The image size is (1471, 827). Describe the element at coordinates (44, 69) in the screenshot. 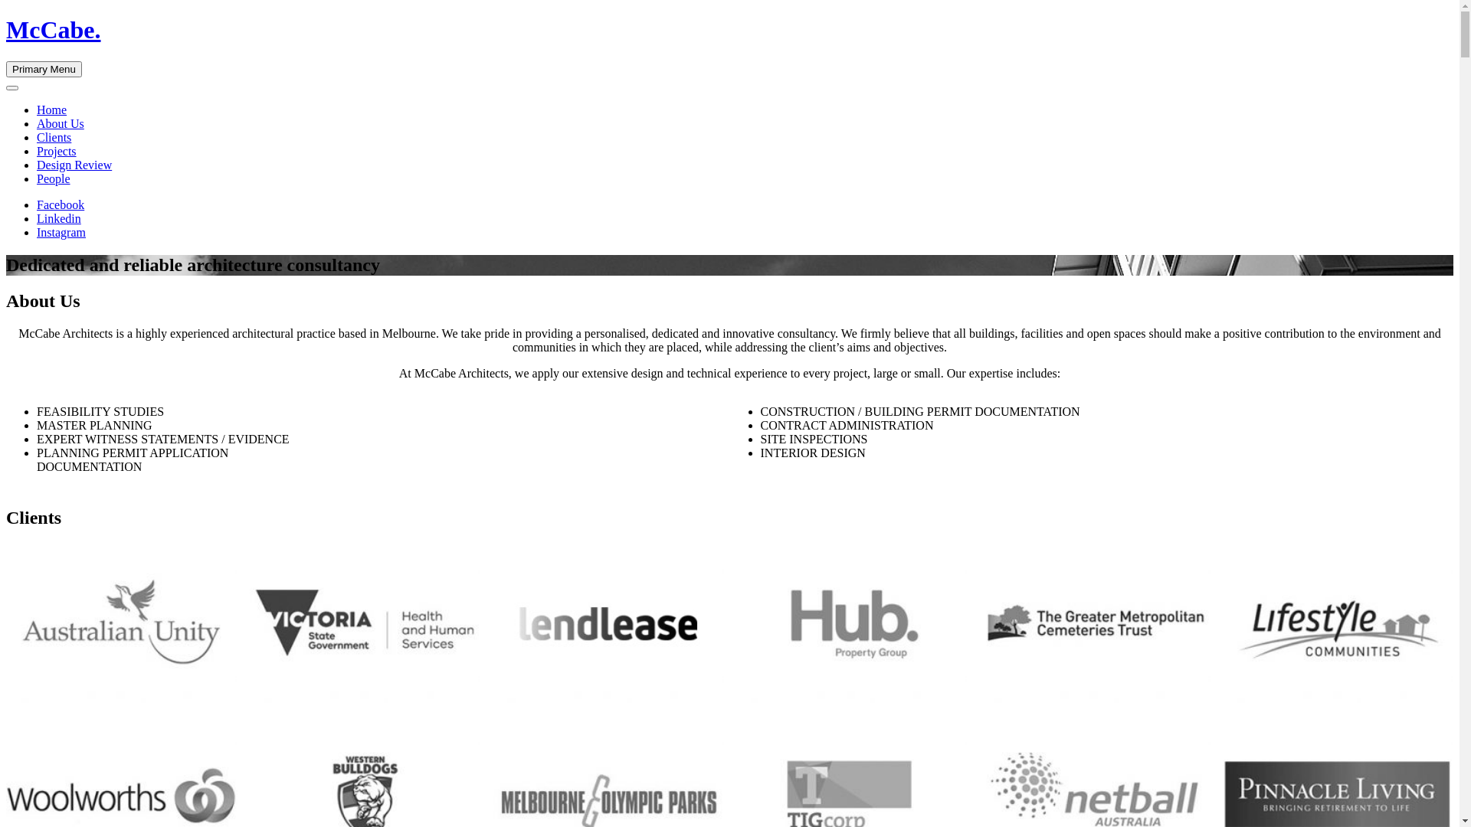

I see `'Primary Menu'` at that location.